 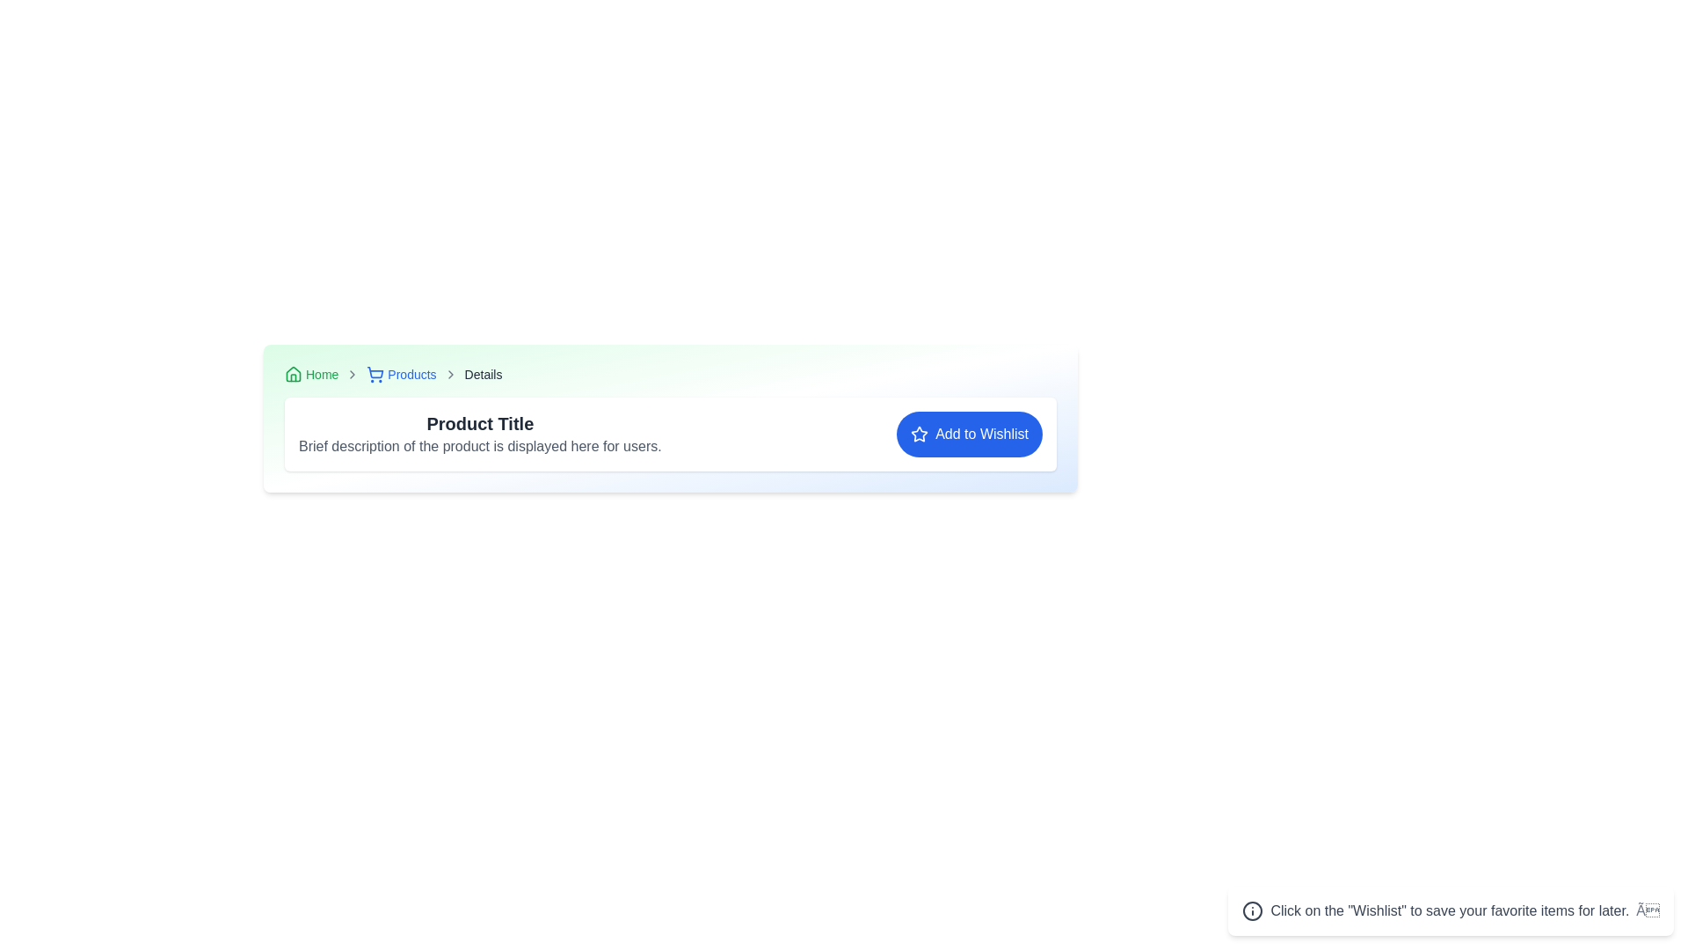 What do you see at coordinates (352, 373) in the screenshot?
I see `the first rightward-pointing chevron icon in the breadcrumb navigation UI, located between the 'Home' link and the 'Products' link` at bounding box center [352, 373].